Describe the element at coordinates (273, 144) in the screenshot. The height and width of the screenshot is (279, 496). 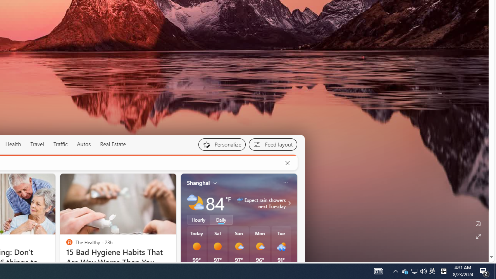
I see `'Feed settings'` at that location.